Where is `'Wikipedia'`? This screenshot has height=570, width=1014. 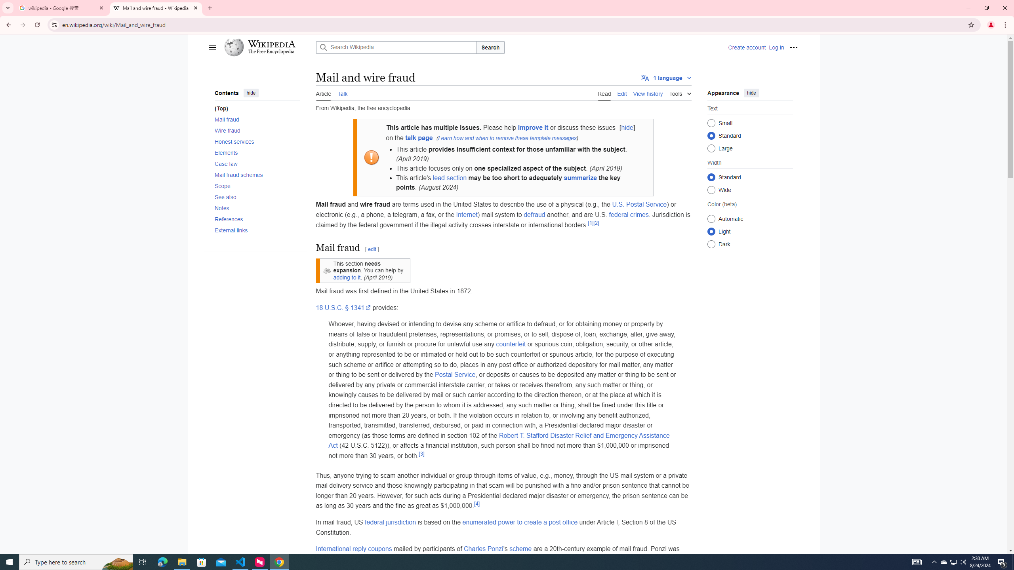 'Wikipedia' is located at coordinates (271, 44).